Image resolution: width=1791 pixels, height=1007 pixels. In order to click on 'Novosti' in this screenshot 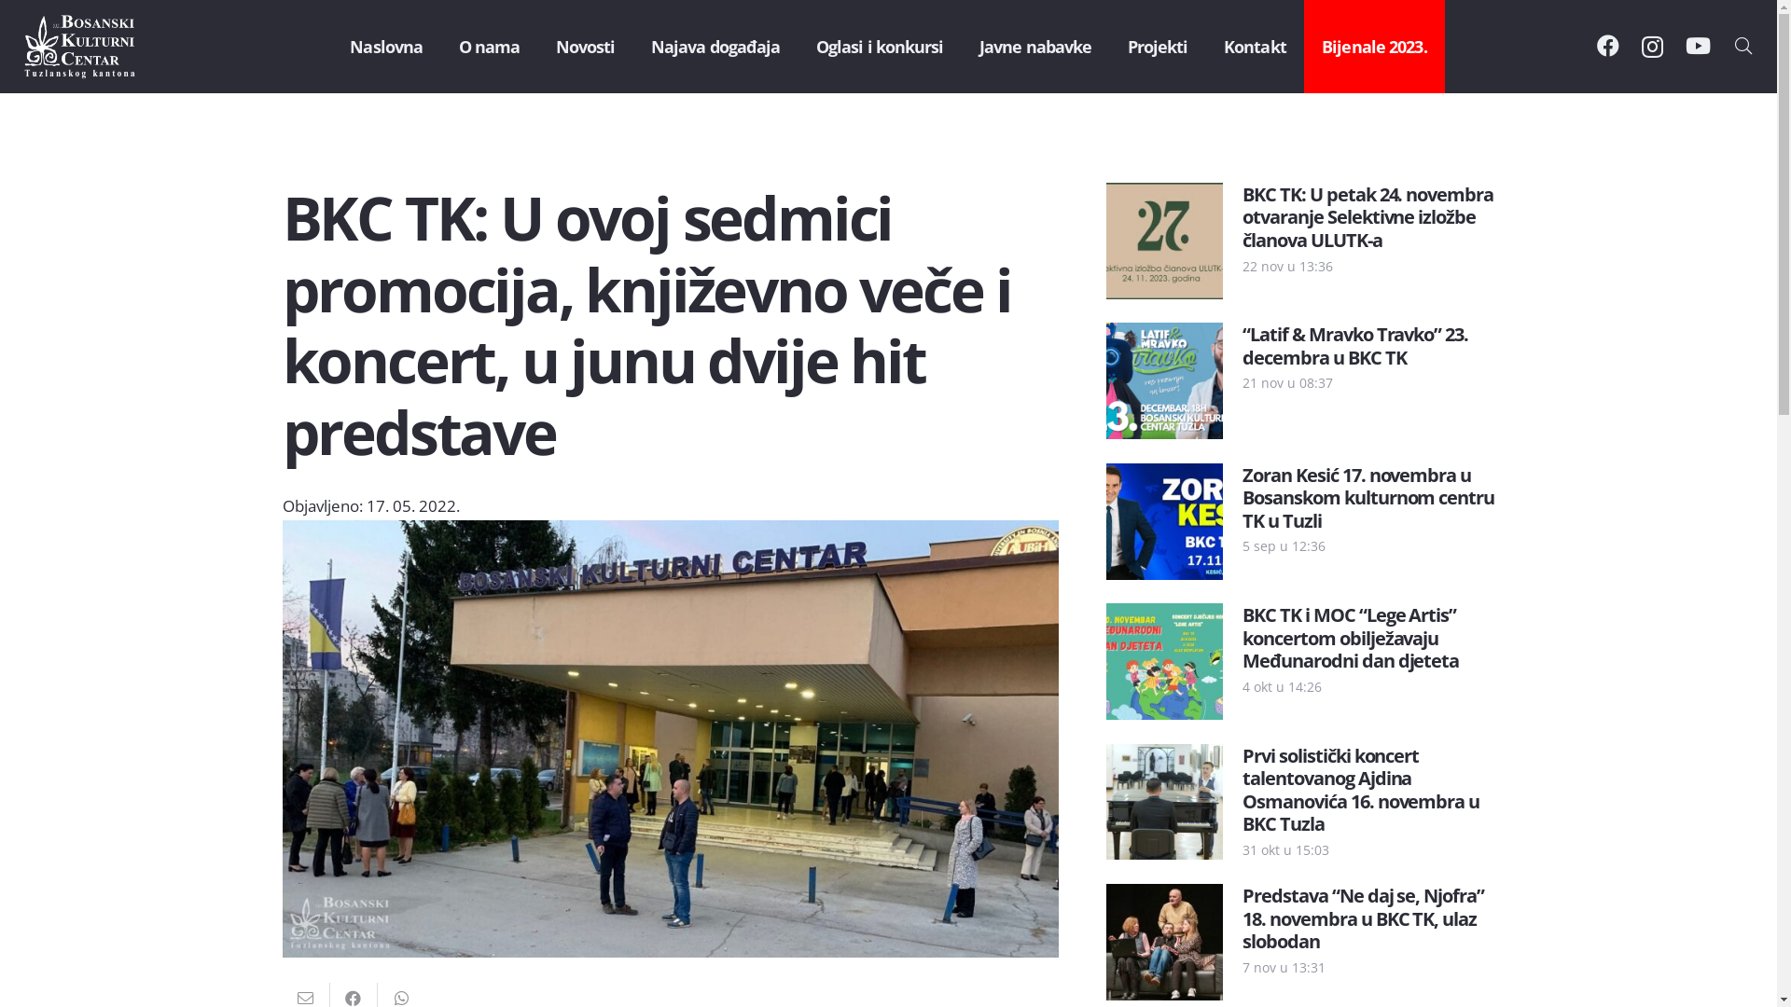, I will do `click(536, 46)`.